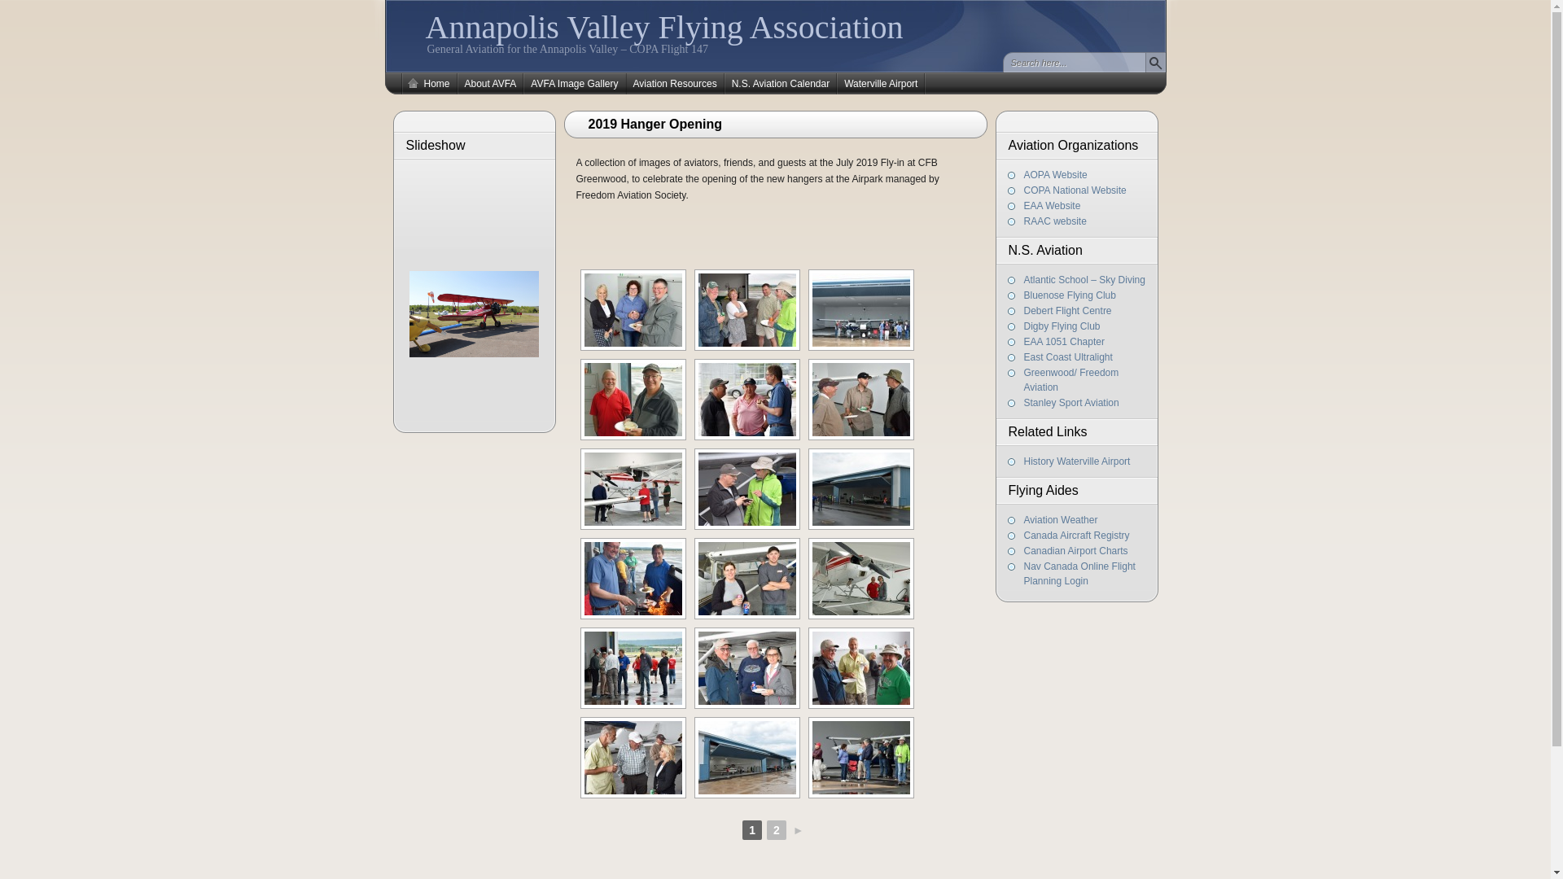 This screenshot has width=1563, height=879. What do you see at coordinates (1055, 175) in the screenshot?
I see `'AOPA Website'` at bounding box center [1055, 175].